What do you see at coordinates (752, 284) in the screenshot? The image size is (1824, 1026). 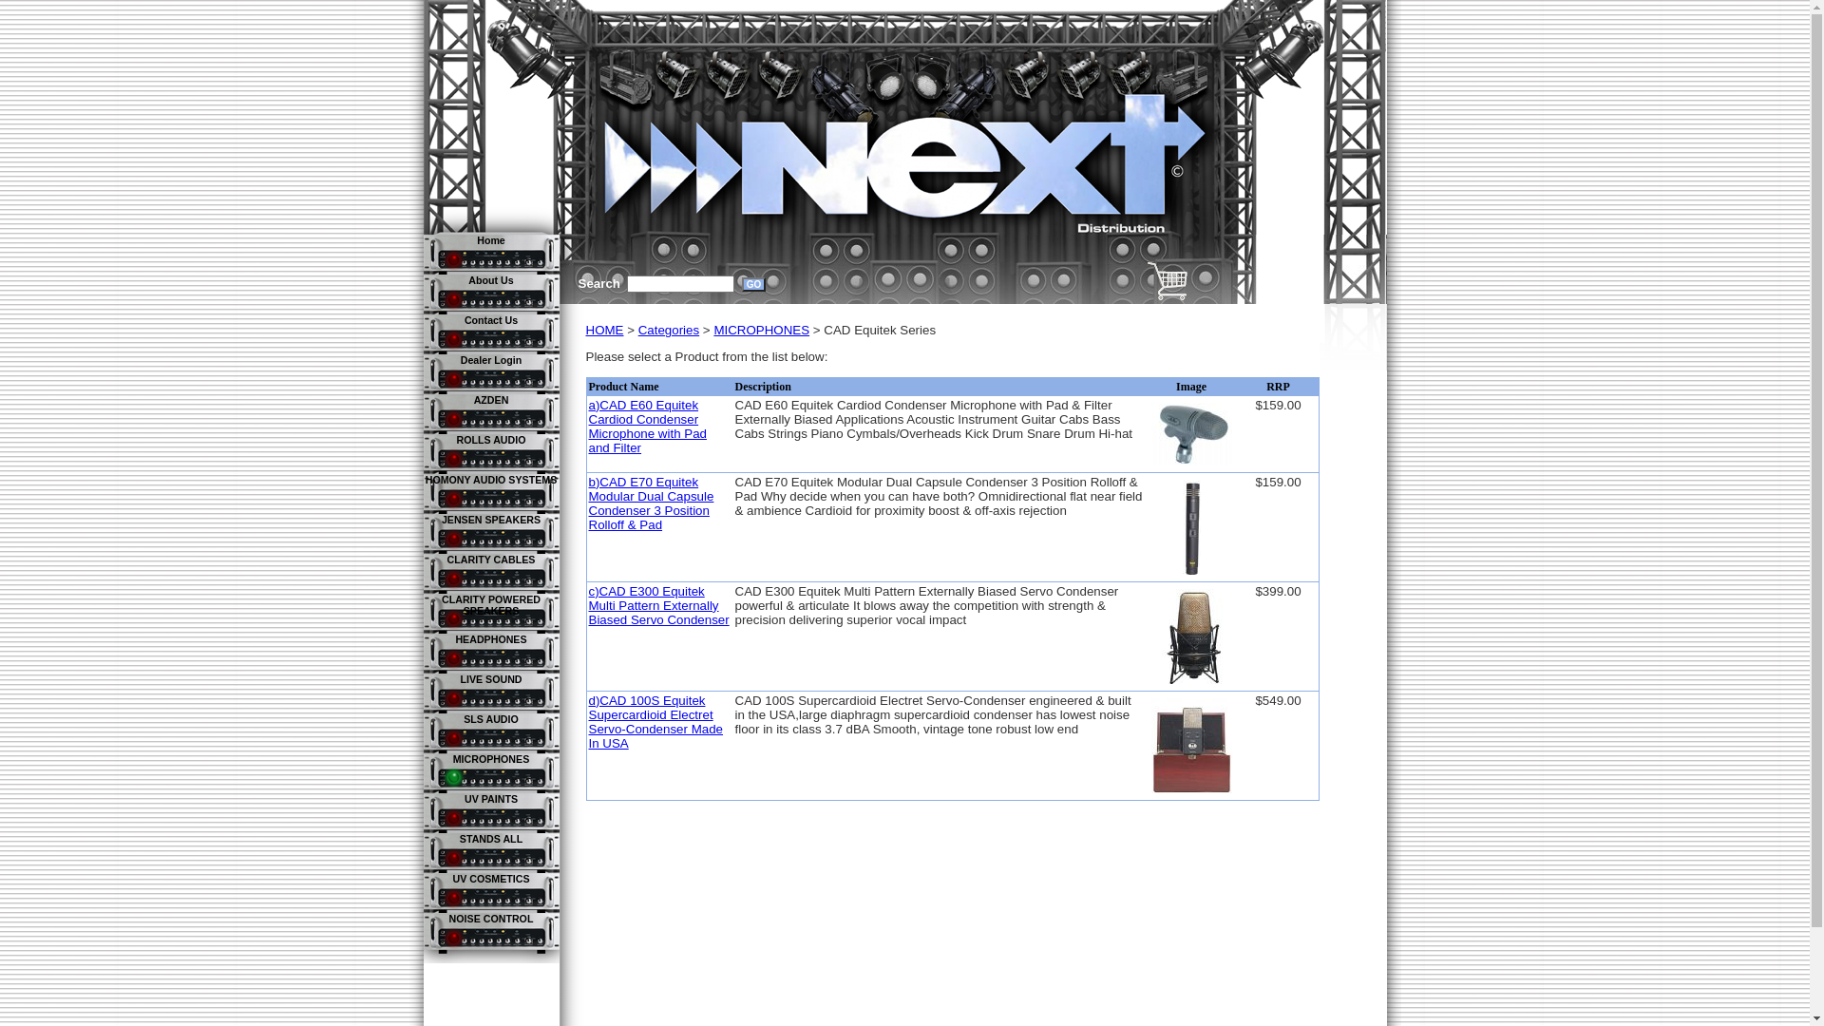 I see `'GO'` at bounding box center [752, 284].